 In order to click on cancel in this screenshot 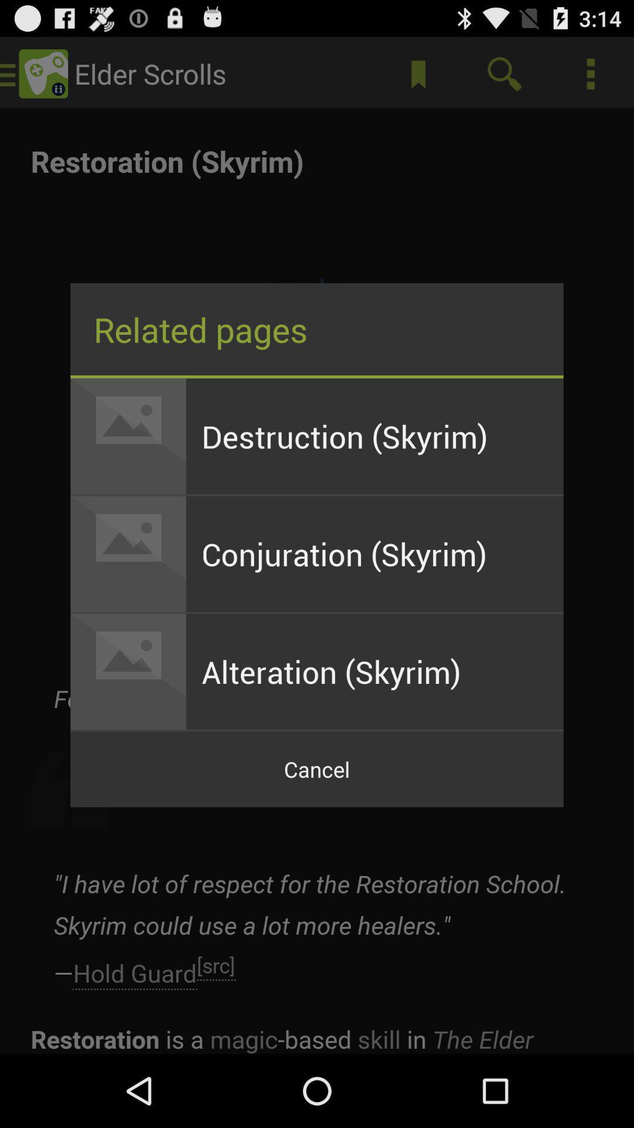, I will do `click(317, 769)`.